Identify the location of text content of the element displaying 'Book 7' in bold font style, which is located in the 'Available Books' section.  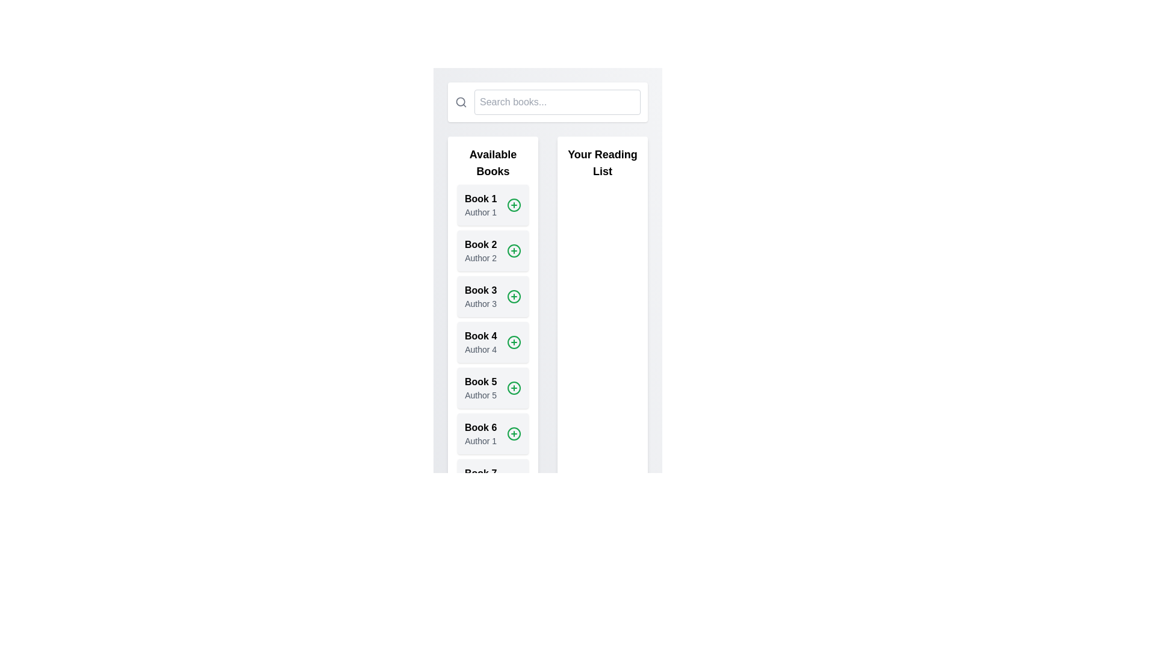
(480, 472).